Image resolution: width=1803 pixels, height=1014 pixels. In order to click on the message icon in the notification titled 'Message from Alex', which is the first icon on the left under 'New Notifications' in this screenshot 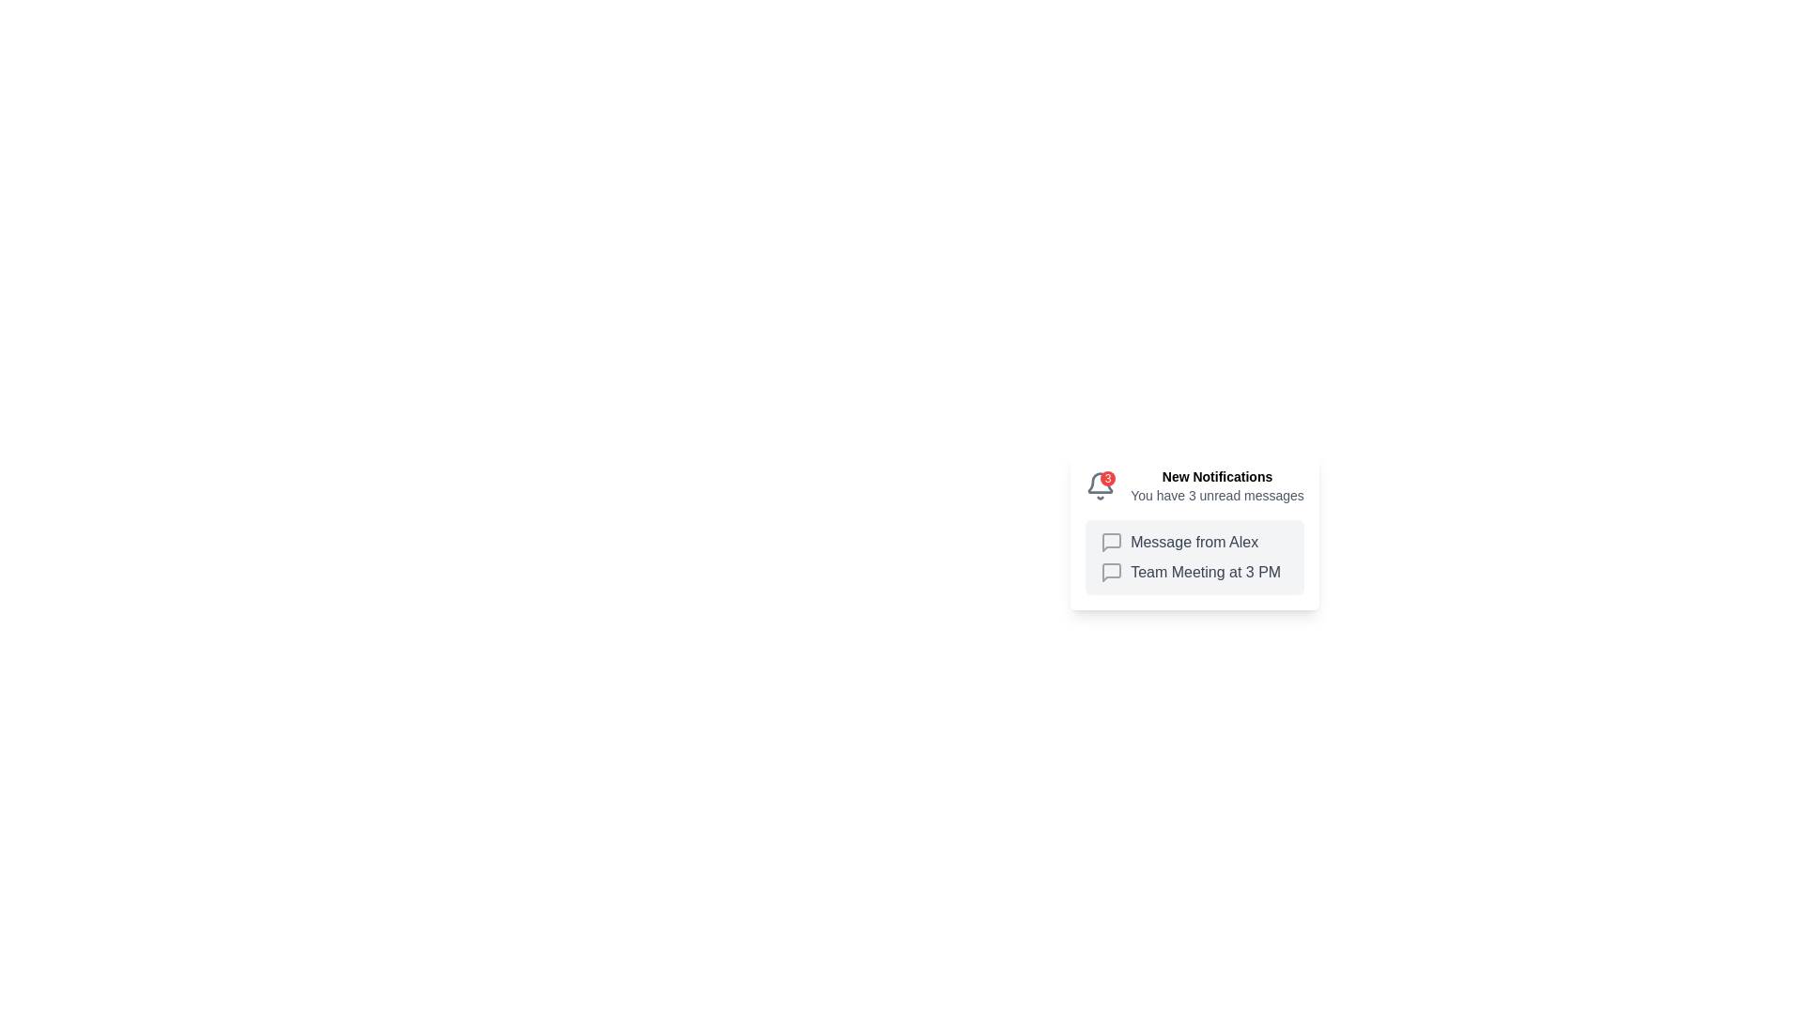, I will do `click(1112, 543)`.